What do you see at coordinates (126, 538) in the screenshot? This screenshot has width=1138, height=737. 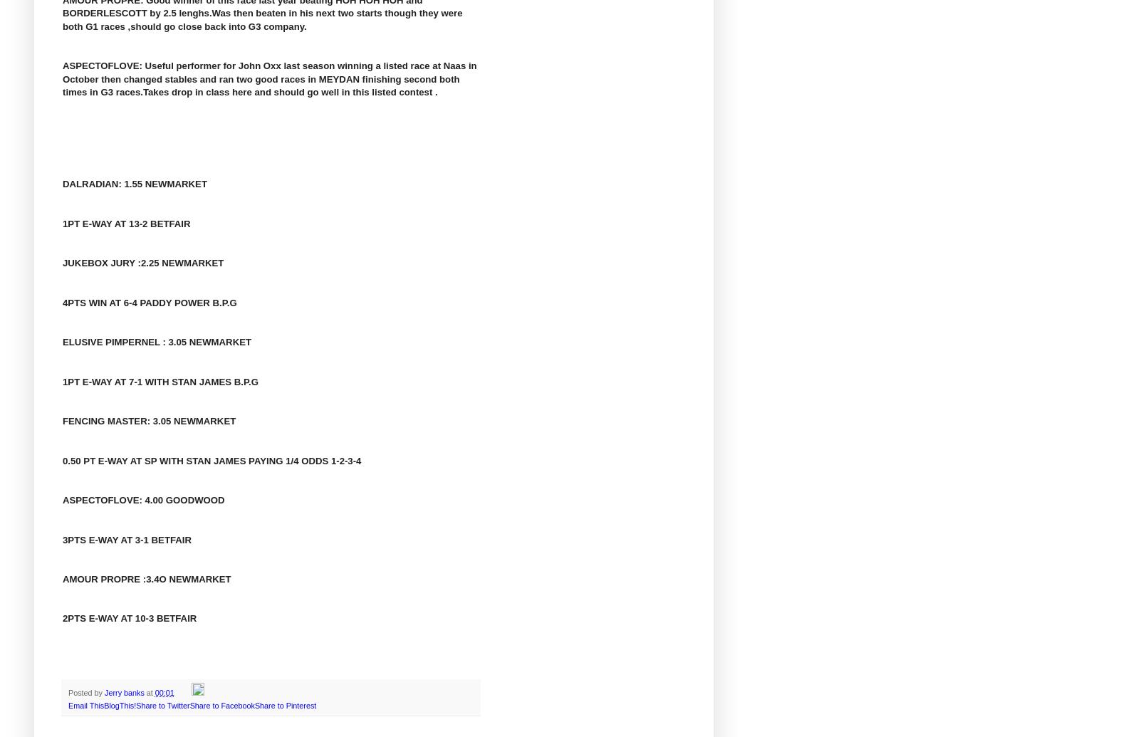 I see `'3PTS E-WAY AT 3-1 BETFAIR'` at bounding box center [126, 538].